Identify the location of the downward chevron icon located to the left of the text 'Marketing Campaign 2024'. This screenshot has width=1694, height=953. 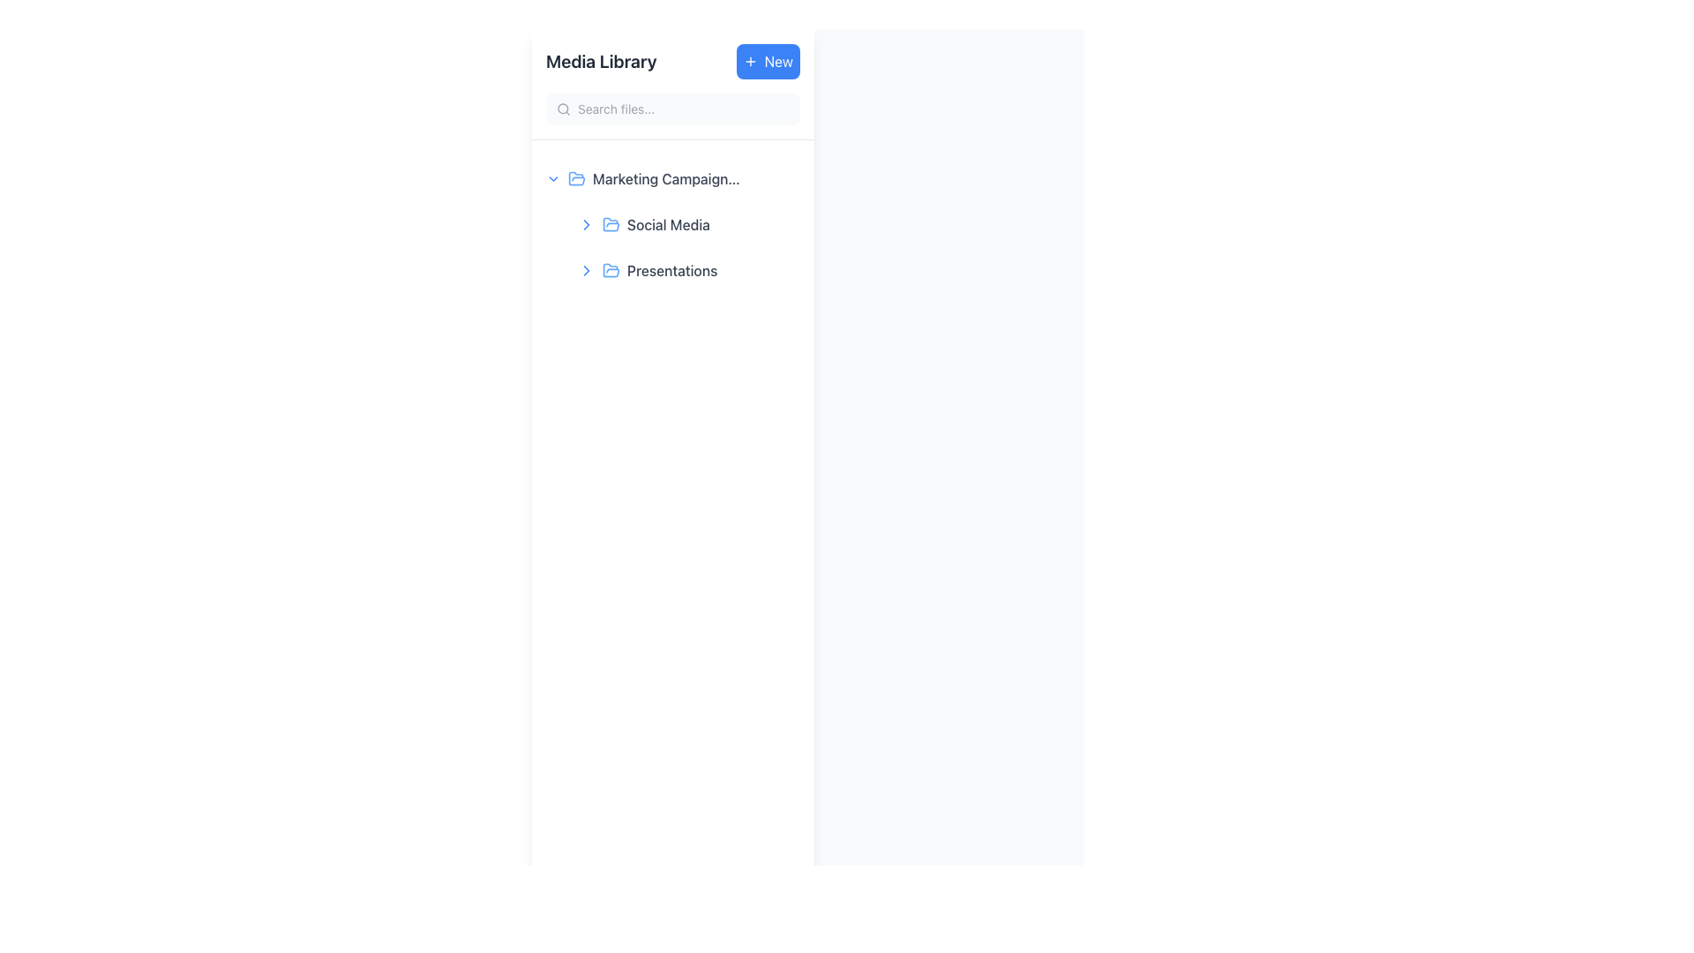
(552, 179).